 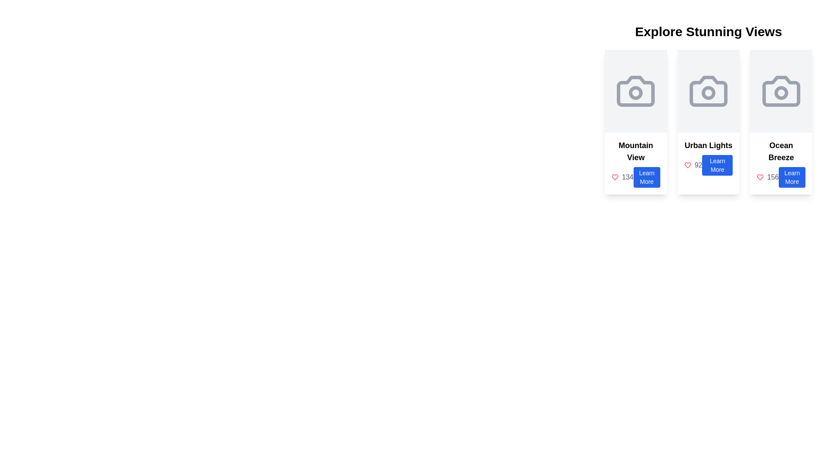 What do you see at coordinates (709, 158) in the screenshot?
I see `the 'Learn More' button with a blue background and white text, located under 'Urban Lights' in the middle card of a horizontally aligned list of cards` at bounding box center [709, 158].